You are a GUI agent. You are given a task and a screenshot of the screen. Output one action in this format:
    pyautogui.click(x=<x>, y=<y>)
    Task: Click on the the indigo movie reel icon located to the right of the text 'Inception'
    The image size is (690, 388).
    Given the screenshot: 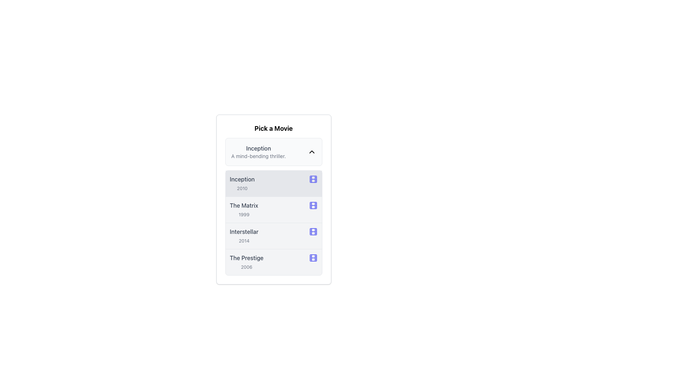 What is the action you would take?
    pyautogui.click(x=313, y=179)
    